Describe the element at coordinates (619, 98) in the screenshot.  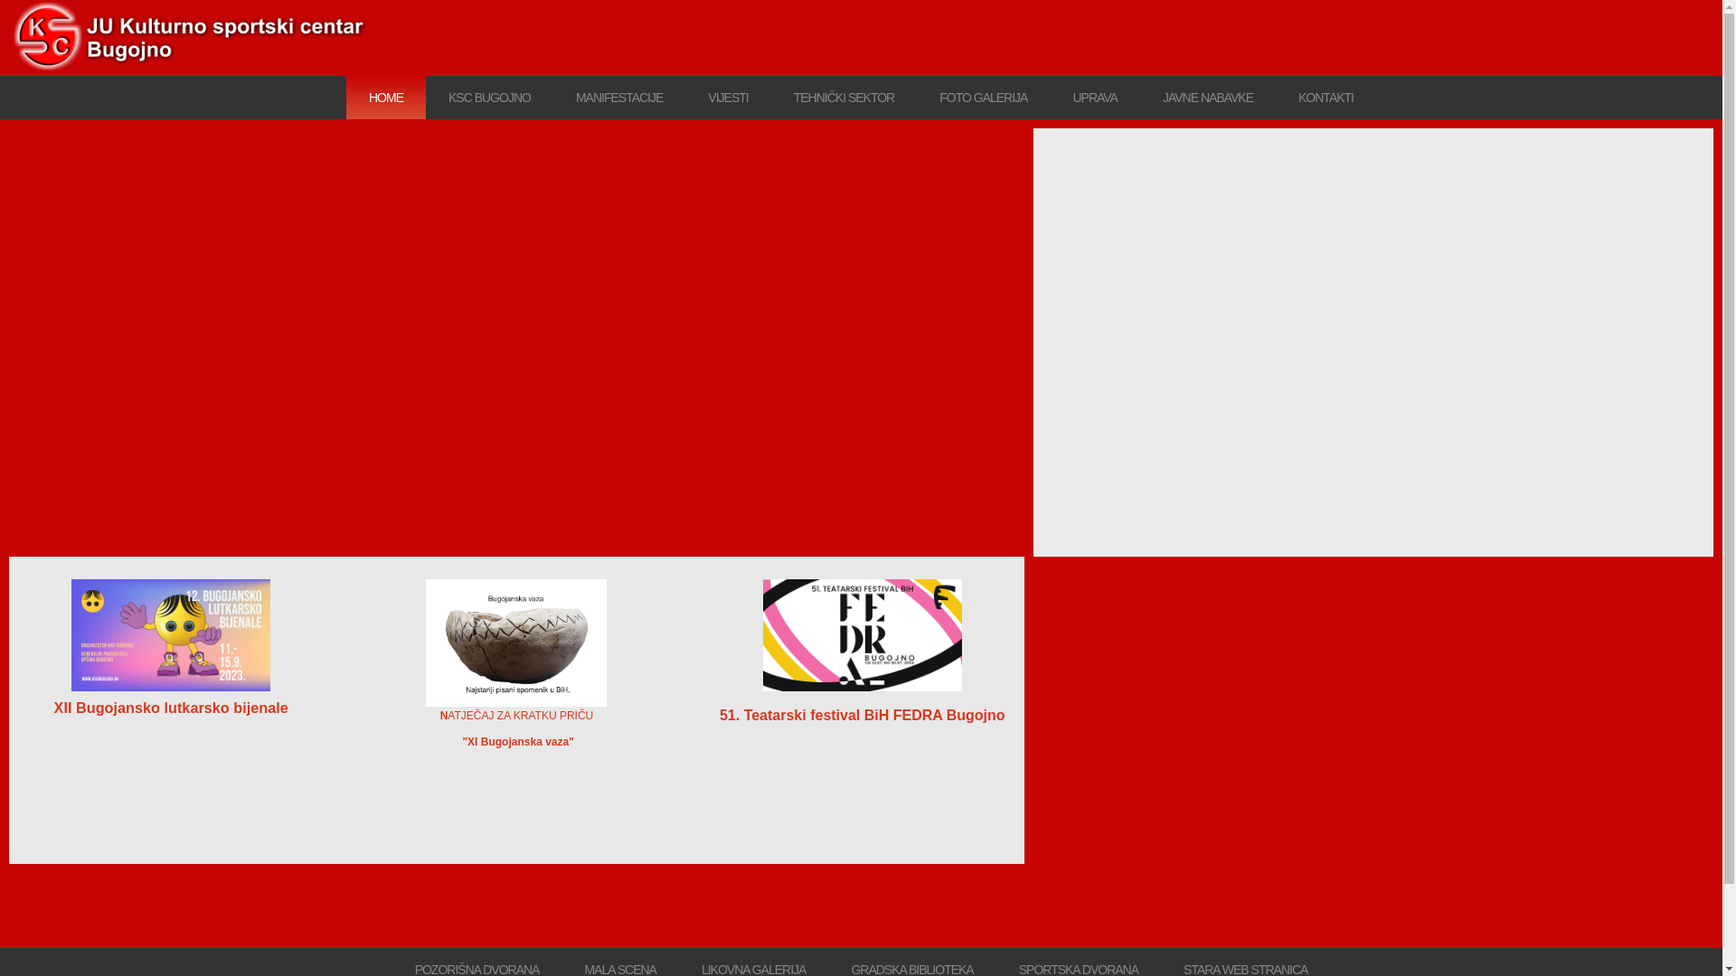
I see `'MANIFESTACIJE'` at that location.